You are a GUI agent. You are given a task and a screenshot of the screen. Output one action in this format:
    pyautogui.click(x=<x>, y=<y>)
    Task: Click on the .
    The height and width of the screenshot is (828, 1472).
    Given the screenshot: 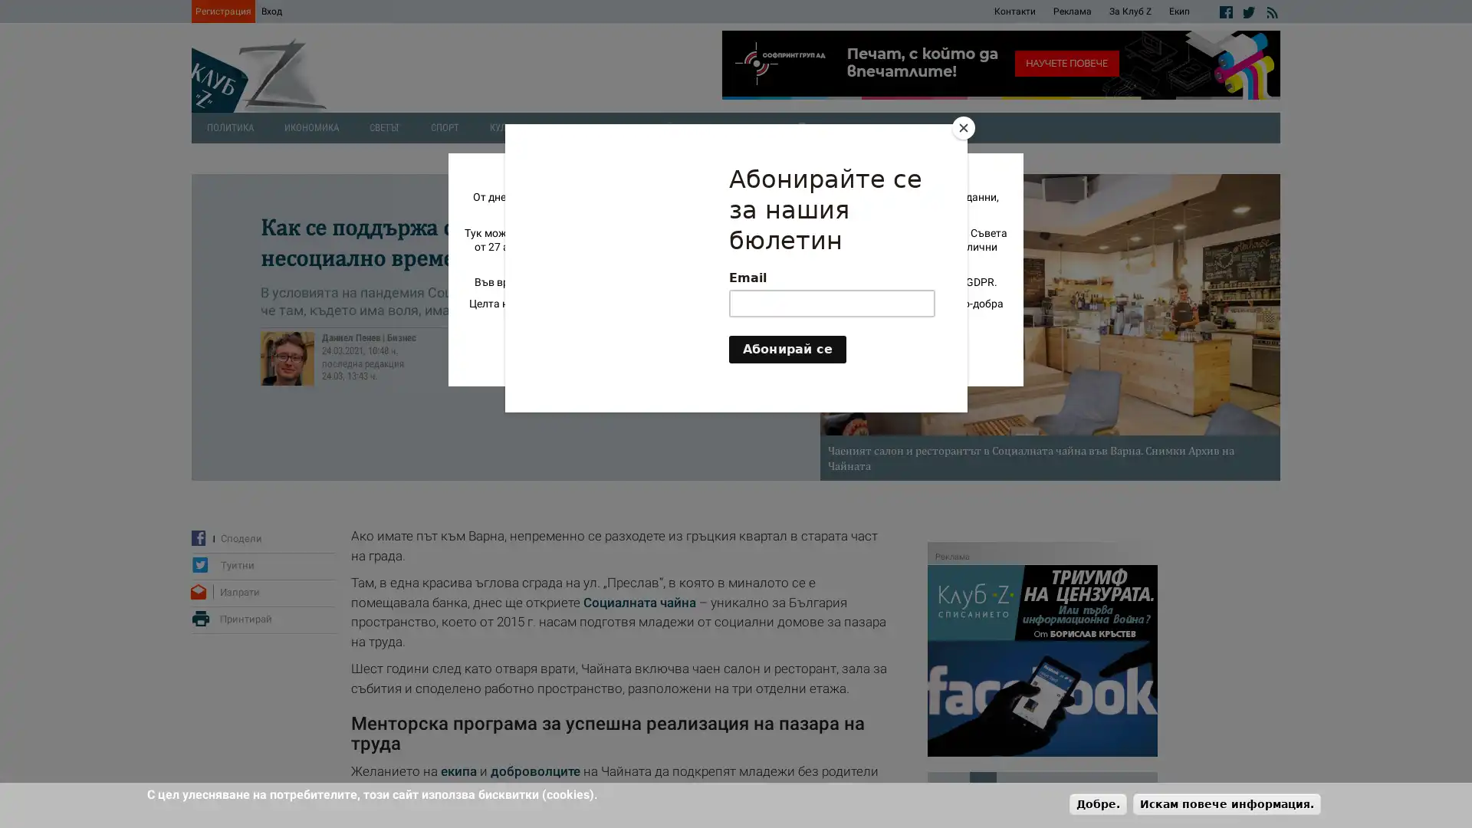 What is the action you would take?
    pyautogui.click(x=1227, y=803)
    